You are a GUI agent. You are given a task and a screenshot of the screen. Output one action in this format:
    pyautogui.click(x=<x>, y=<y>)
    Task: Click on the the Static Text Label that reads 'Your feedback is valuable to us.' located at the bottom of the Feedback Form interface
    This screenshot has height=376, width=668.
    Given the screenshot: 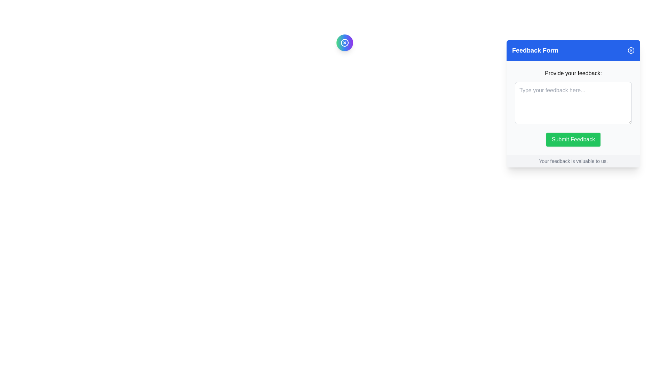 What is the action you would take?
    pyautogui.click(x=573, y=161)
    